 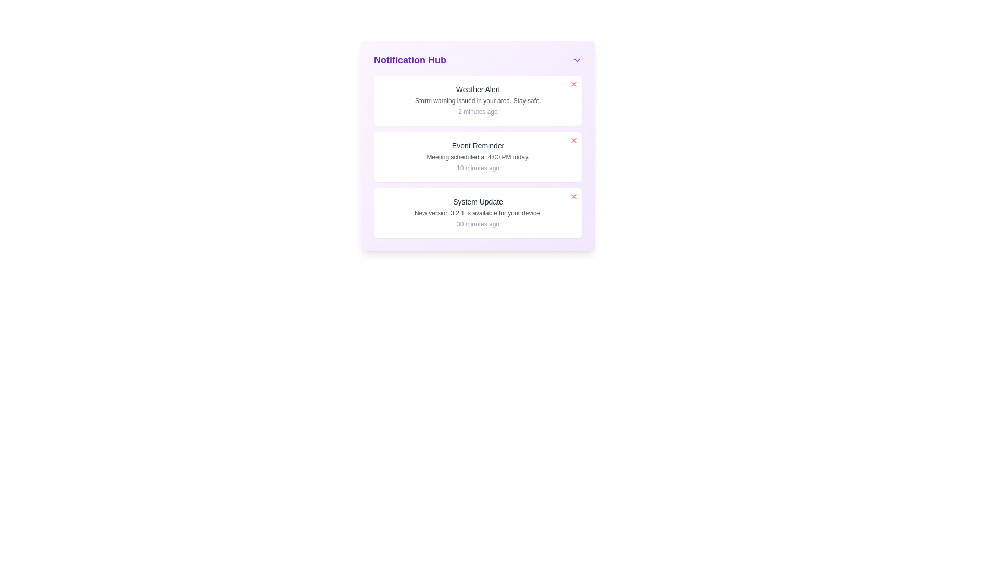 What do you see at coordinates (573, 140) in the screenshot?
I see `the small interactive 'X' icon at the top-right corner of the 'Event Reminder' card to change its color to red` at bounding box center [573, 140].